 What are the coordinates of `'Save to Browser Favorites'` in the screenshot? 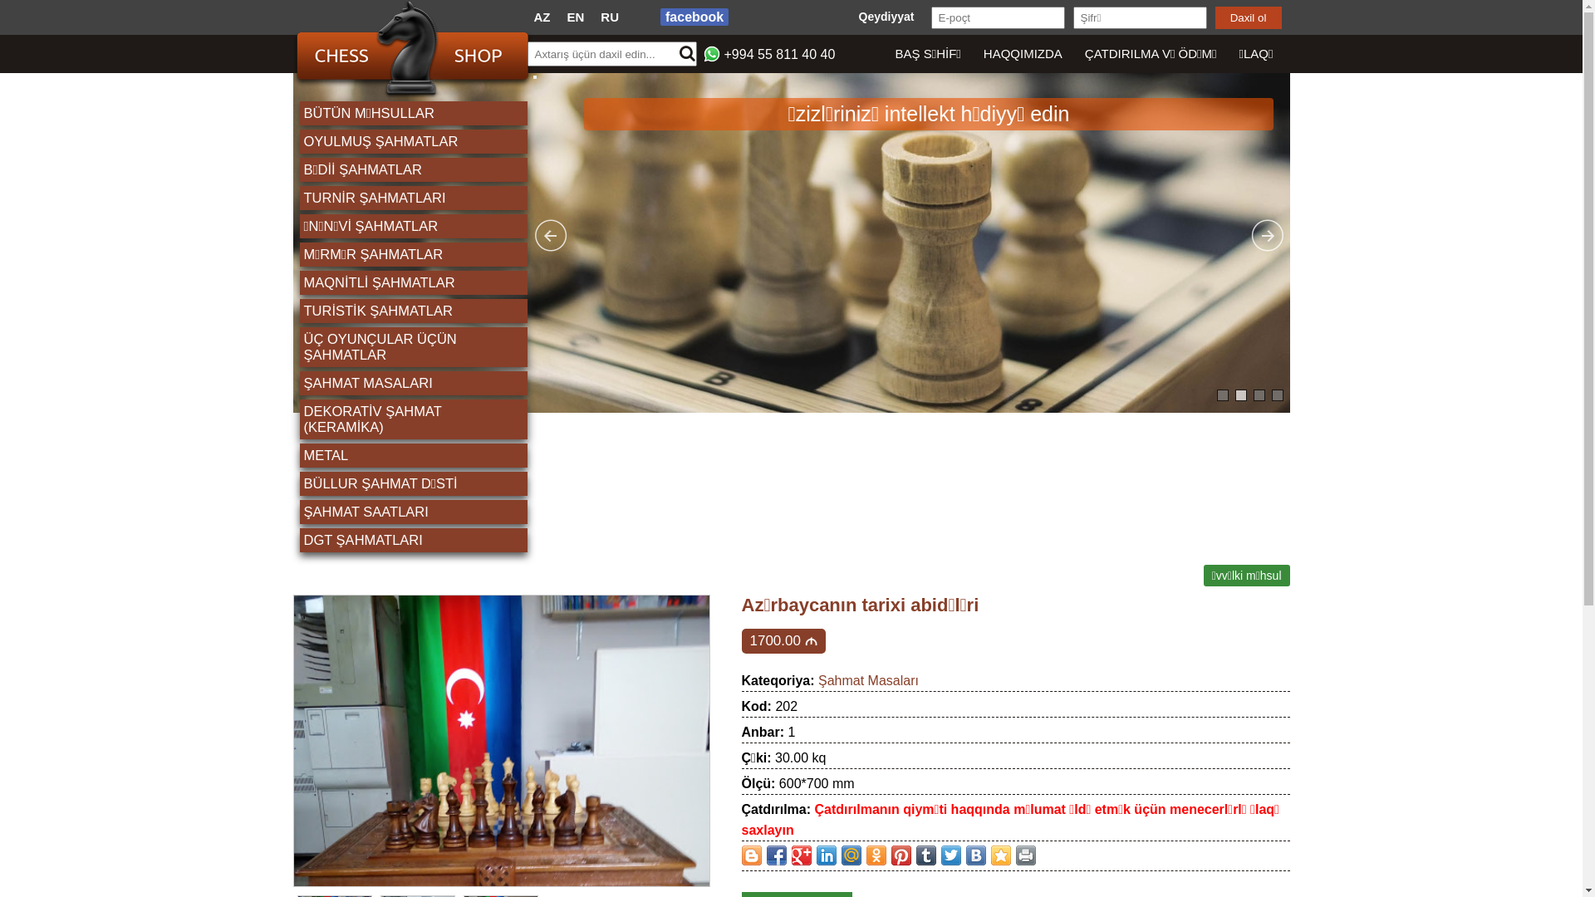 It's located at (999, 855).